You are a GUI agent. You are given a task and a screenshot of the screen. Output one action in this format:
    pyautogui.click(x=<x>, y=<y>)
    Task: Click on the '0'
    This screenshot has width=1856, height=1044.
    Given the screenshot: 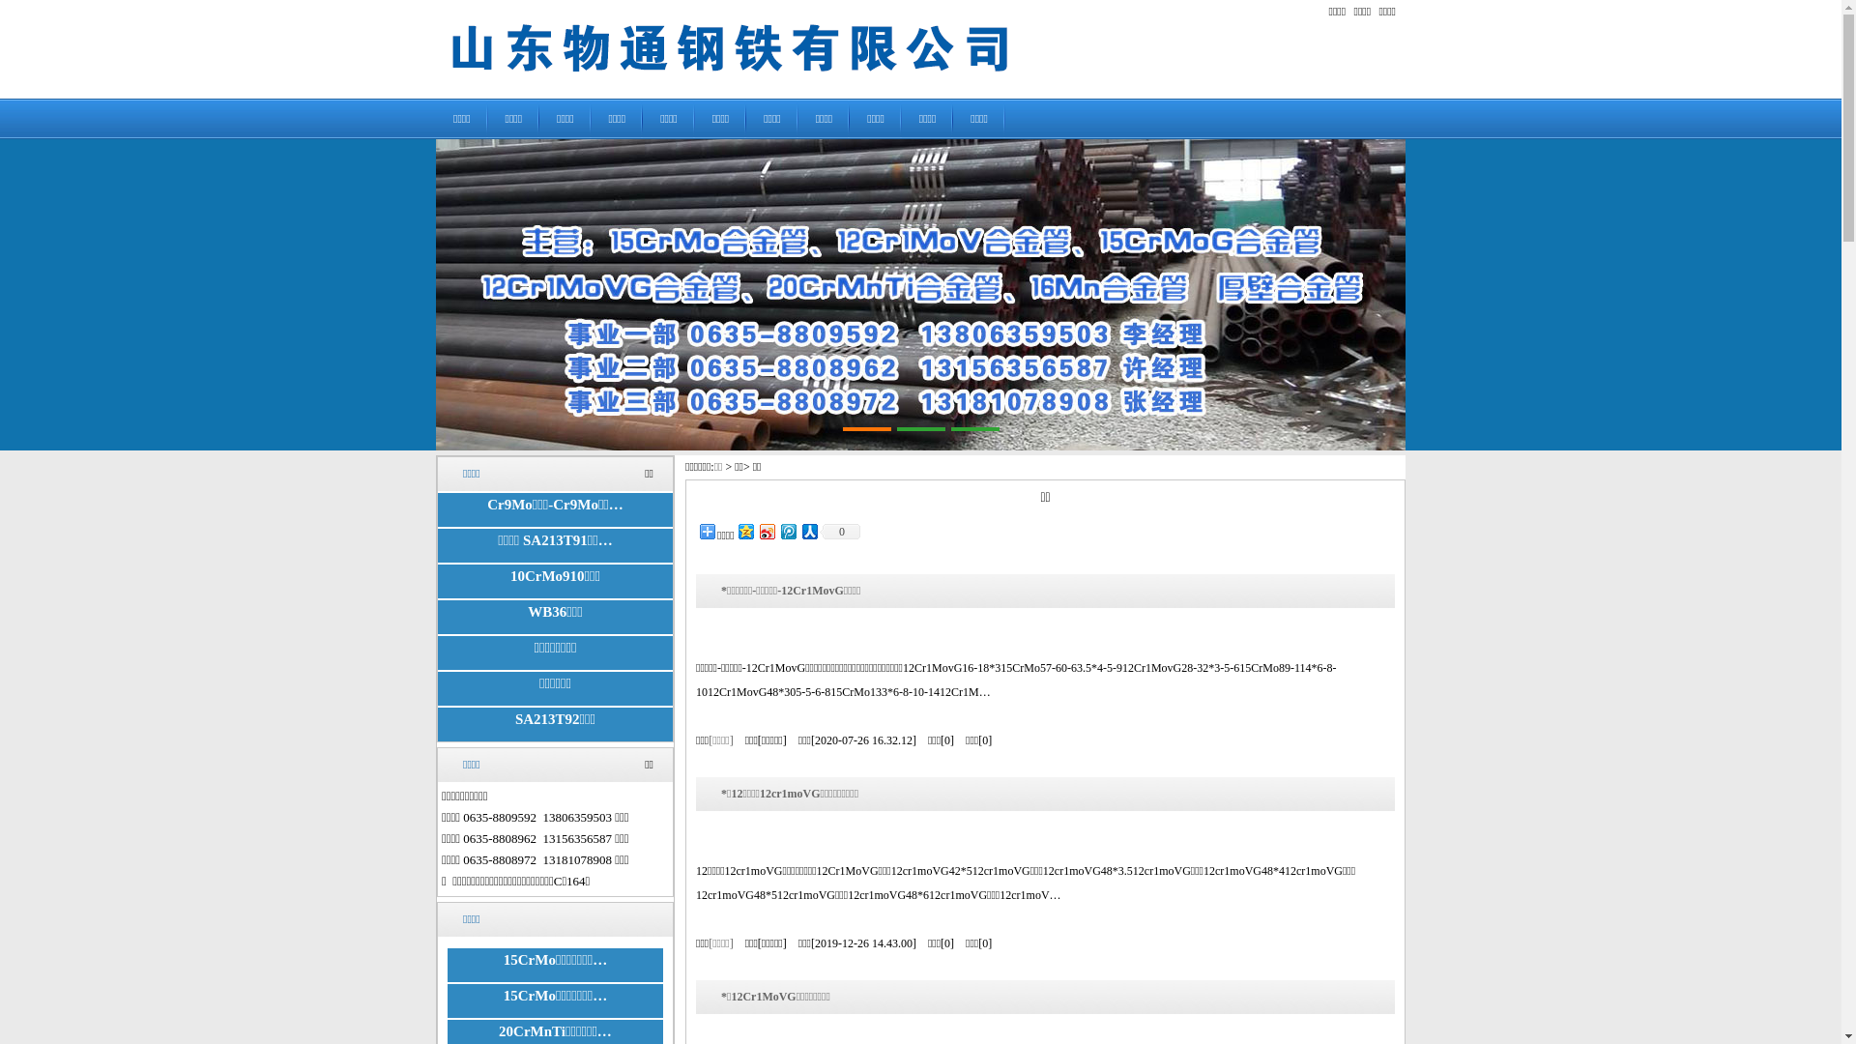 What is the action you would take?
    pyautogui.click(x=820, y=532)
    